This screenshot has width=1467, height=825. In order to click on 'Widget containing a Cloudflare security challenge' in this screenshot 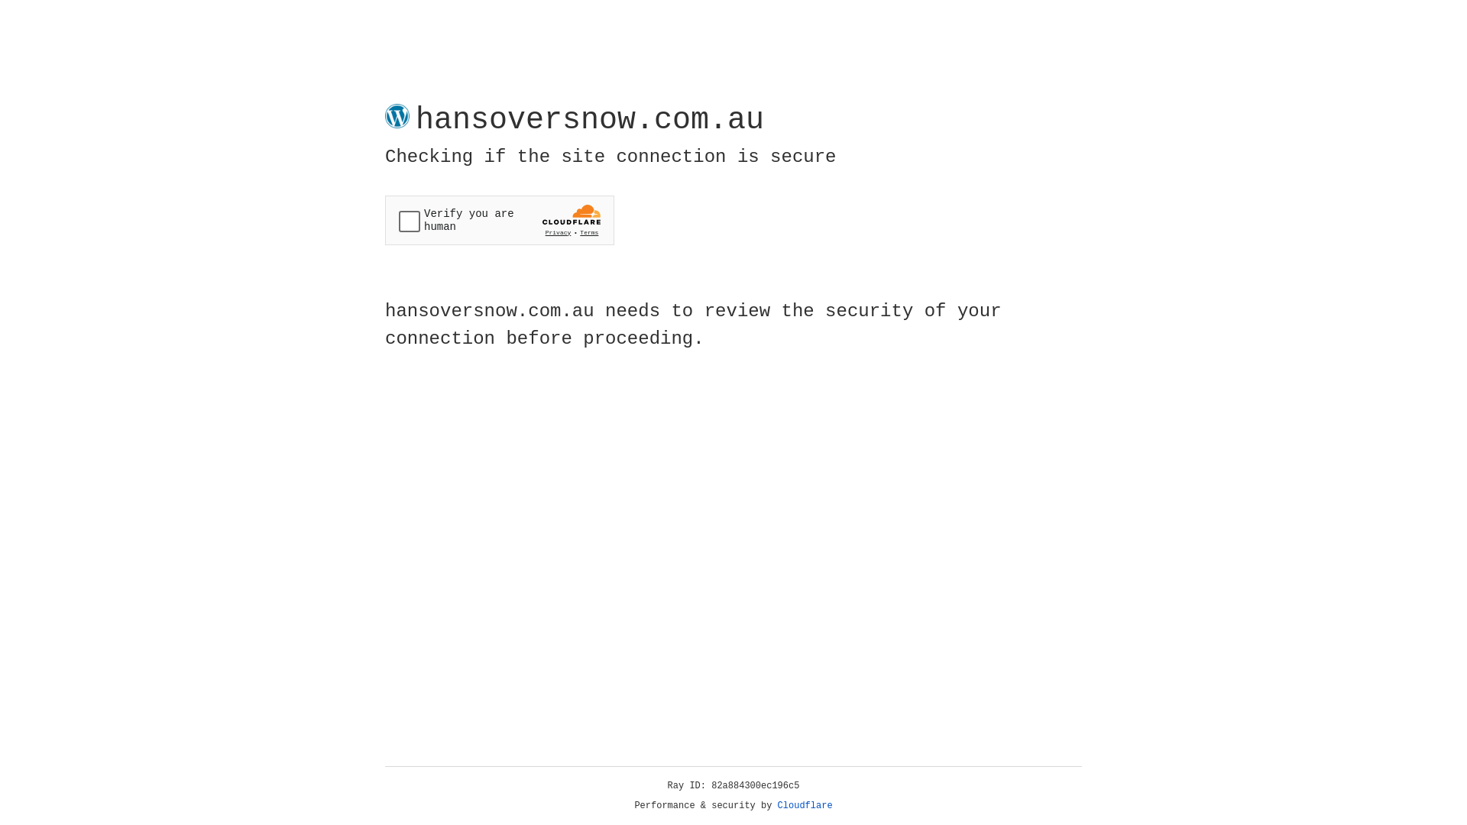, I will do `click(499, 220)`.